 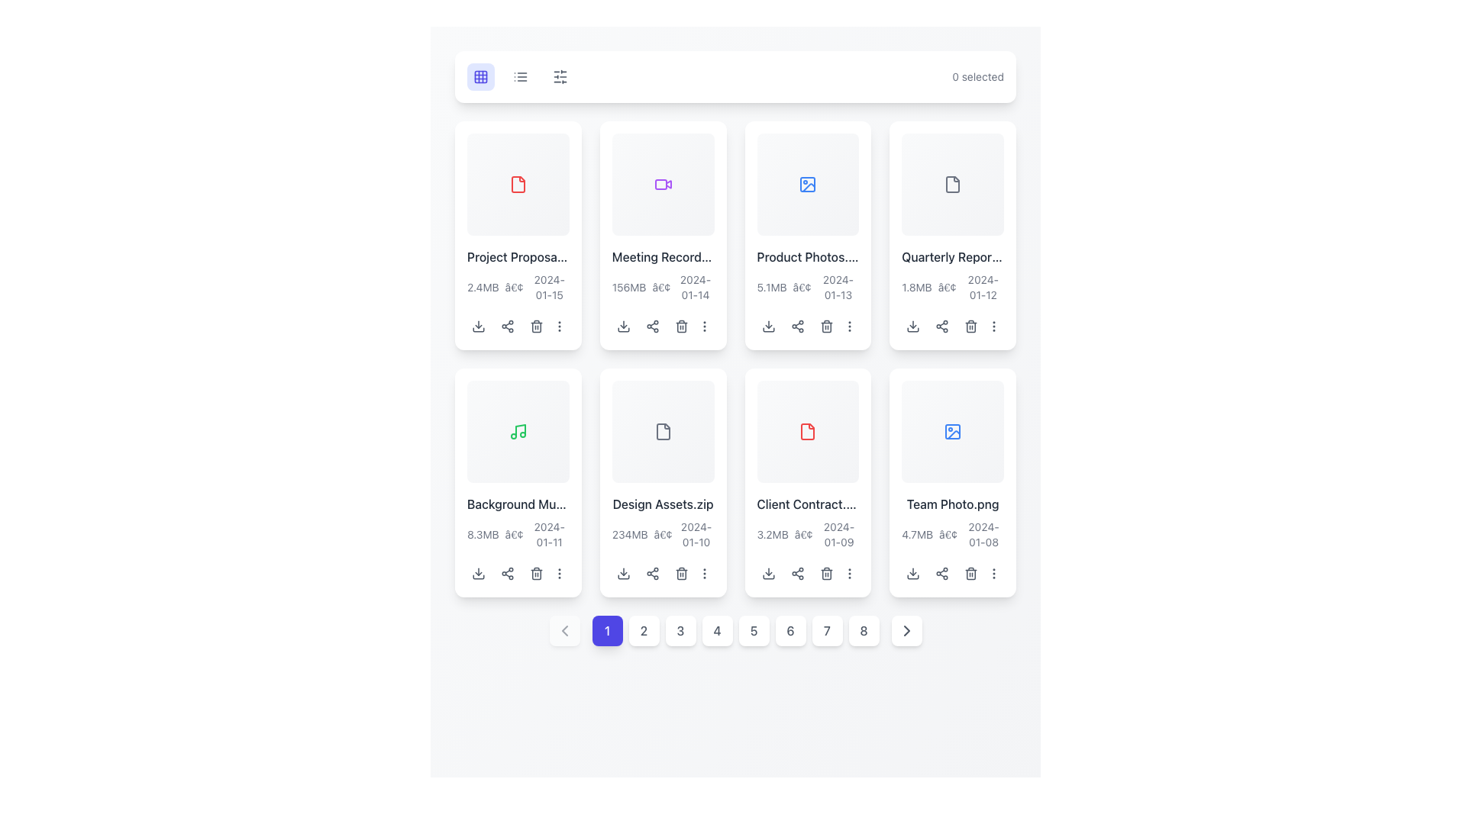 I want to click on the download icon, which is a downward-pointing arrow with a bar below it, located at the bottom of the 'Background Music.mp3' card, to initiate a download, so click(x=478, y=573).